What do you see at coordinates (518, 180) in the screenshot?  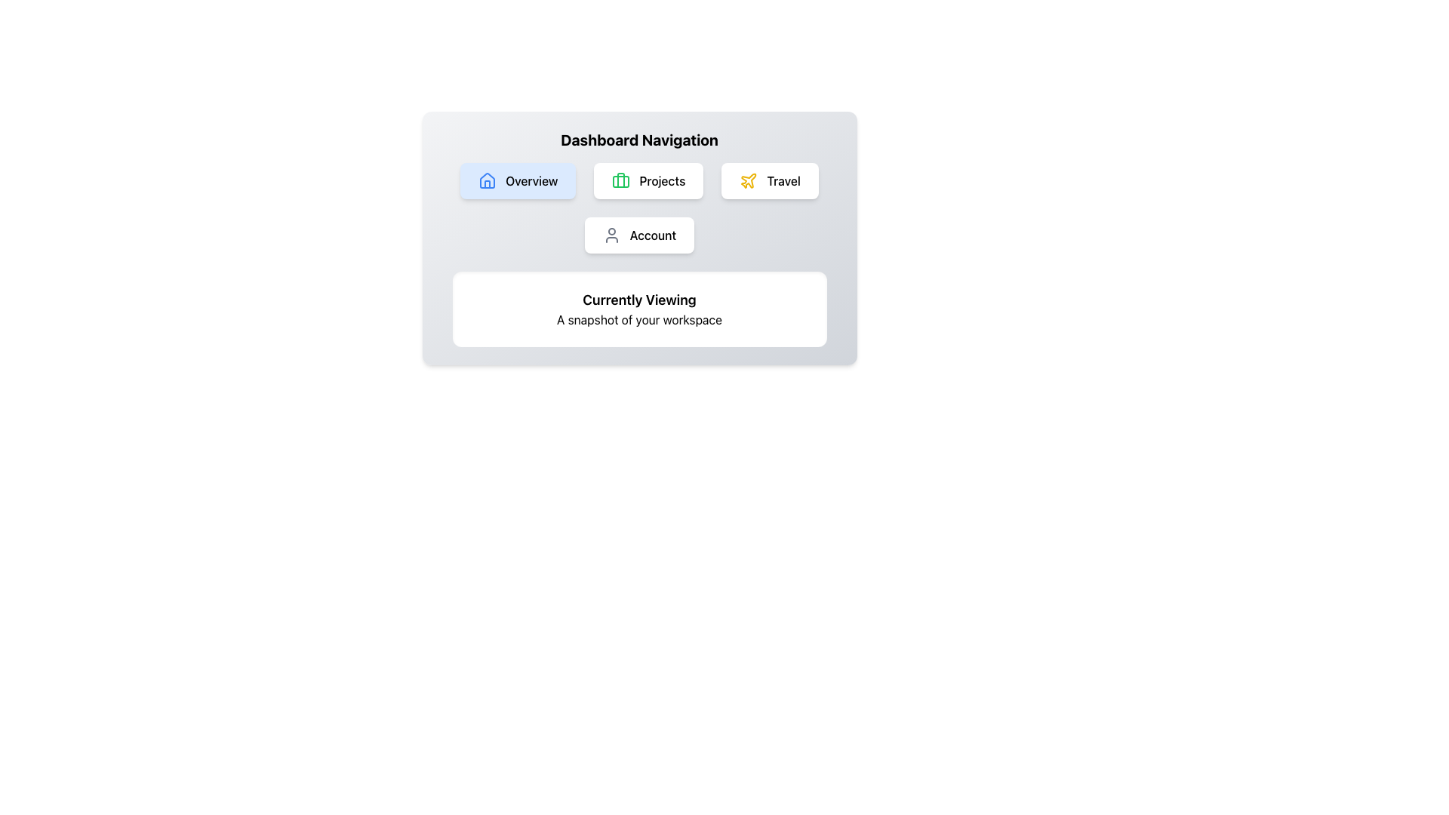 I see `the 'Overview' navigation button, which is the first button from the left in the 'Dashboard Navigation' menu, to trigger potential visual feedback` at bounding box center [518, 180].